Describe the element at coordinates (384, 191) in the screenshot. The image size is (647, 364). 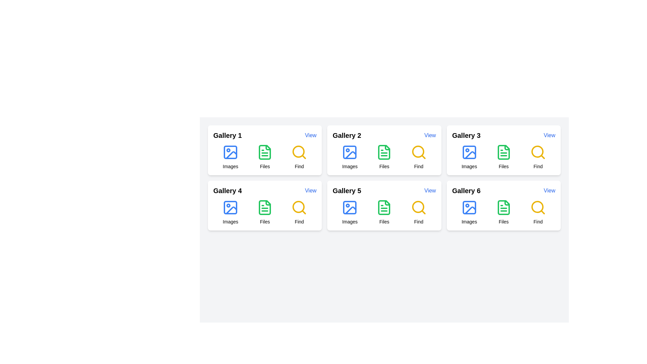
I see `the 'Gallery 5' title in the Header section of the Gallery 5 card, which is located in the bottom-left of the 2x3 grid layout` at that location.